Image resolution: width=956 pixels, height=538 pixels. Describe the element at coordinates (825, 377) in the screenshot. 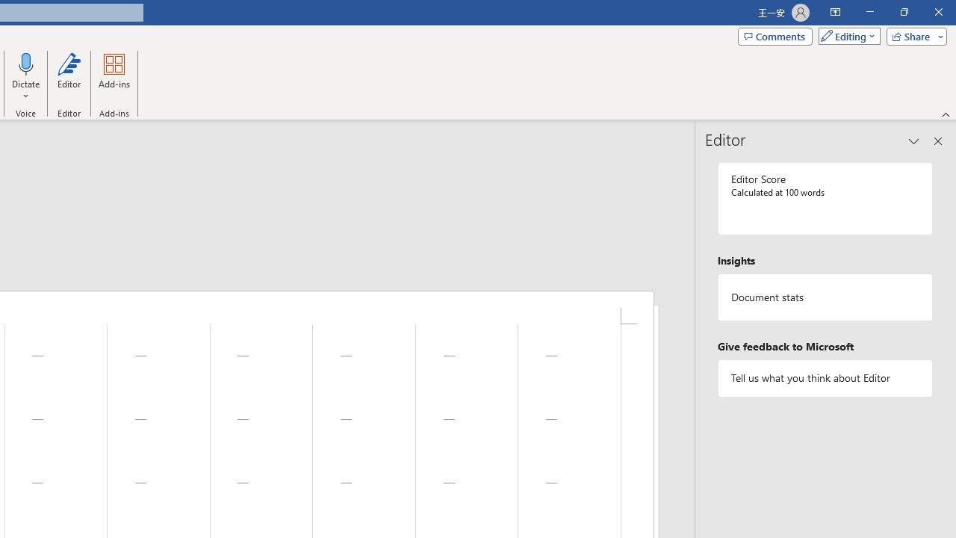

I see `'Tell us what you think about Editor'` at that location.